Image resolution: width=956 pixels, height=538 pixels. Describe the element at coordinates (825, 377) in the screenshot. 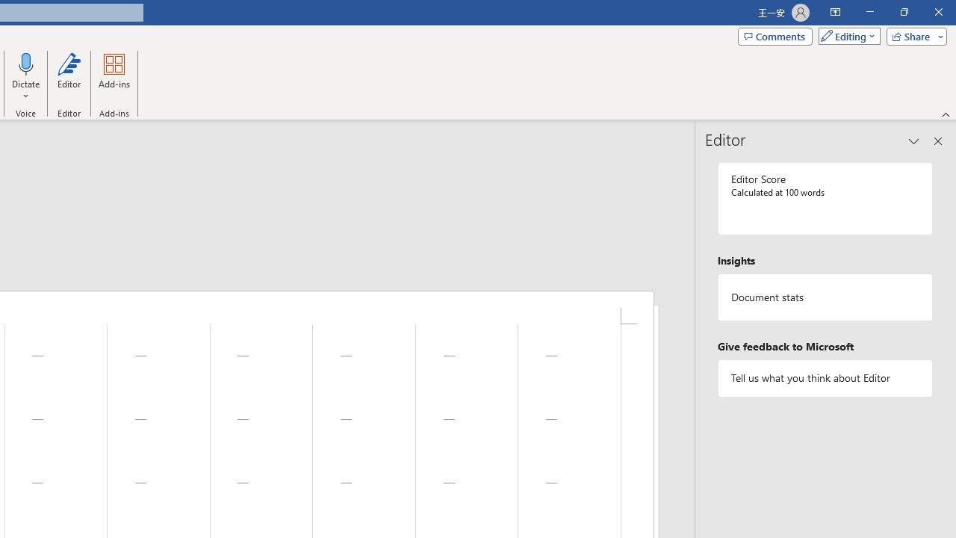

I see `'Tell us what you think about Editor'` at that location.